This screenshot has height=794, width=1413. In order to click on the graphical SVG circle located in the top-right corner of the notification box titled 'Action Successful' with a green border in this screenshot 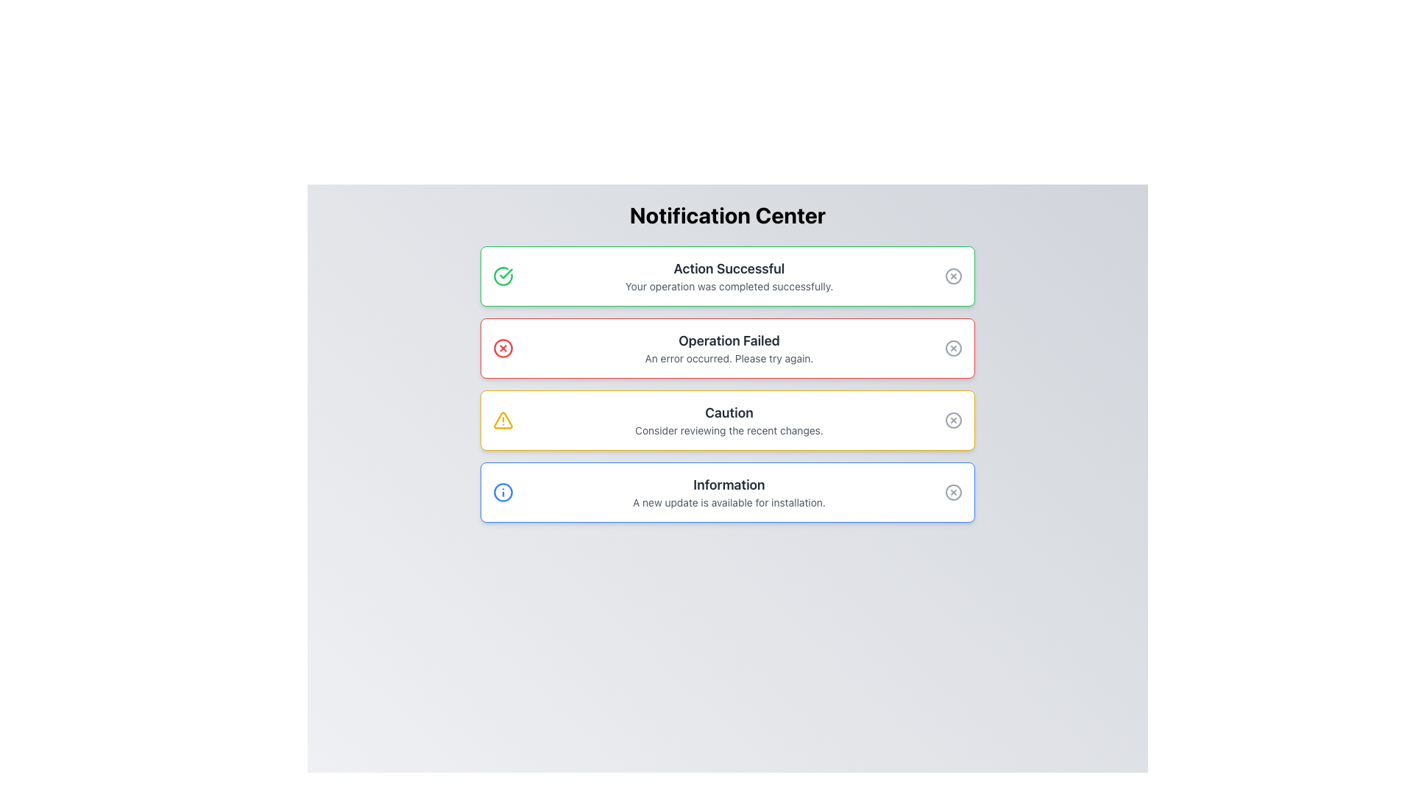, I will do `click(954, 276)`.